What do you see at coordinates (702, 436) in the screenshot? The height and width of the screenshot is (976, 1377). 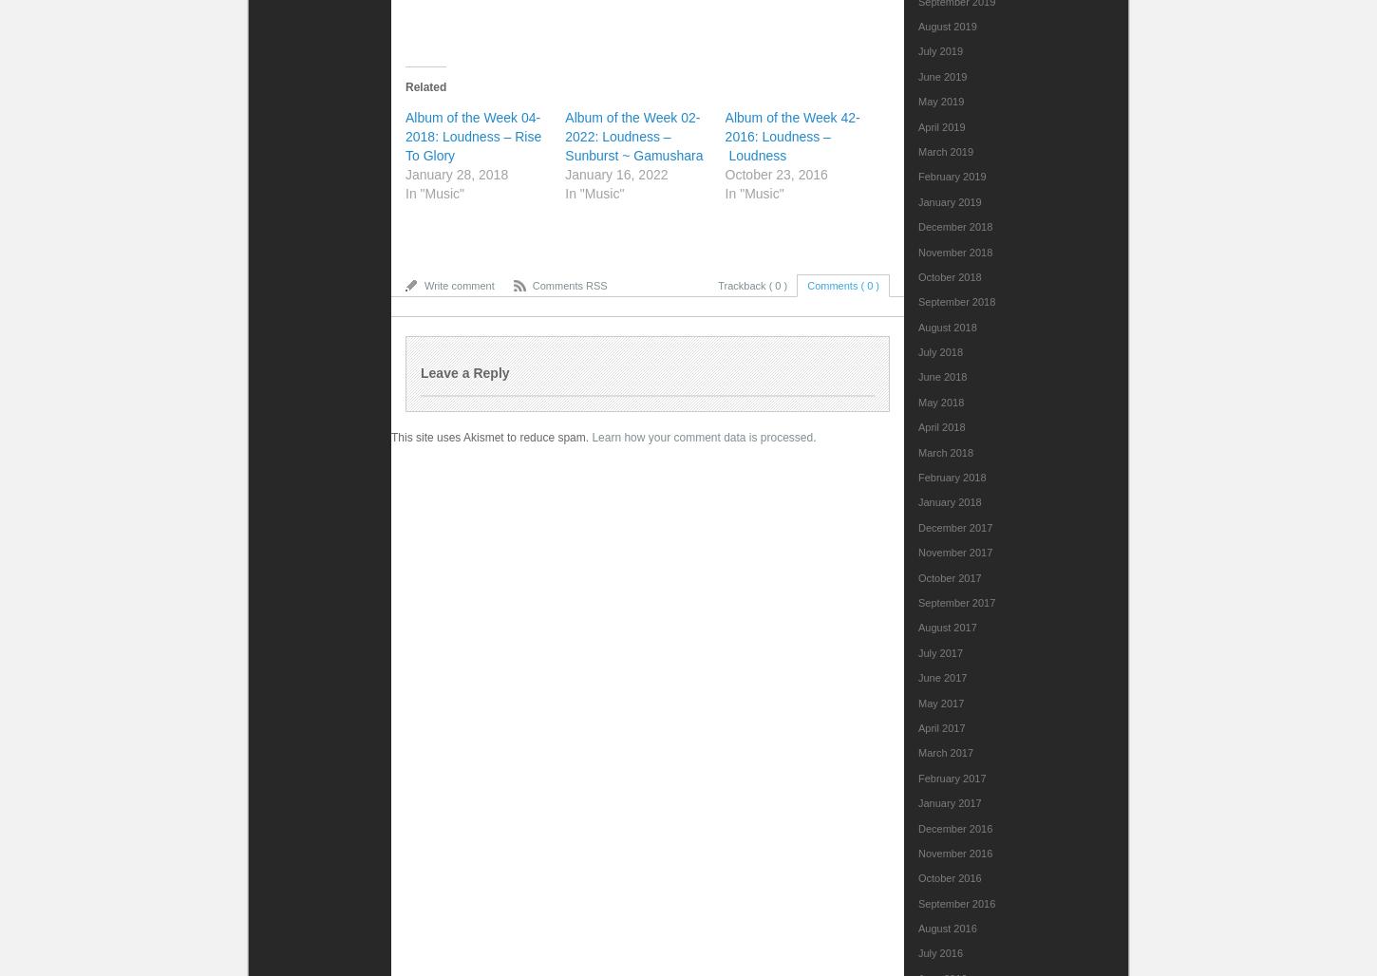 I see `'Learn how your comment data is processed'` at bounding box center [702, 436].